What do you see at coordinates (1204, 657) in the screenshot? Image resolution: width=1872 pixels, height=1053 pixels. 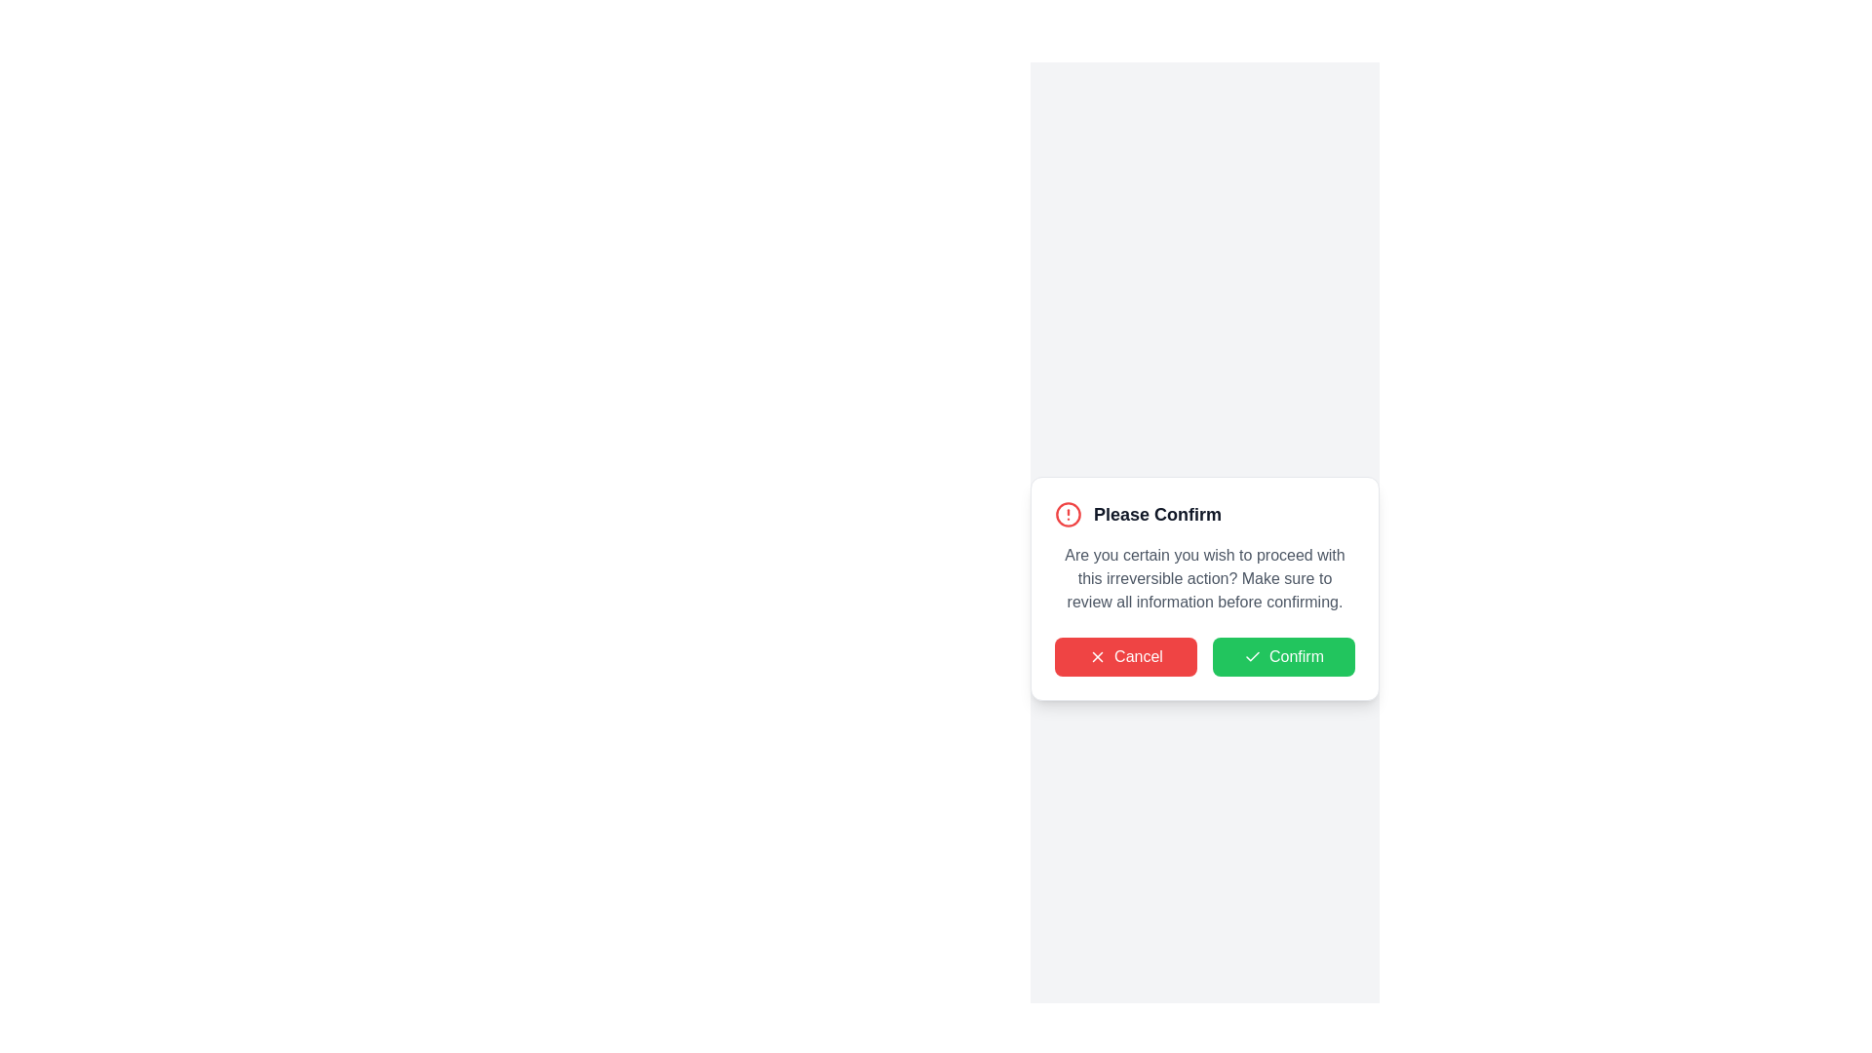 I see `the 'Confirm' button, which is a green button with a white checkmark icon, located at the bottom of the dialog box to proceed` at bounding box center [1204, 657].